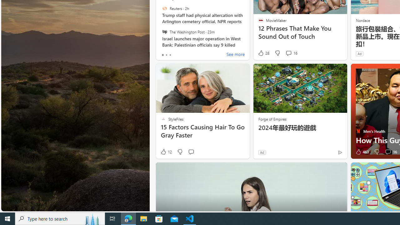 The image size is (400, 225). Describe the element at coordinates (162, 55) in the screenshot. I see `'tab-0'` at that location.